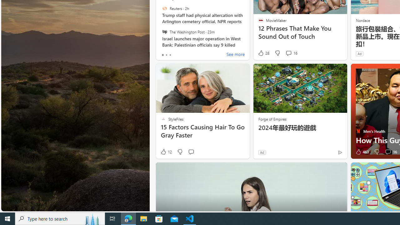 The image size is (400, 225). Describe the element at coordinates (162, 55) in the screenshot. I see `'tab-0'` at that location.